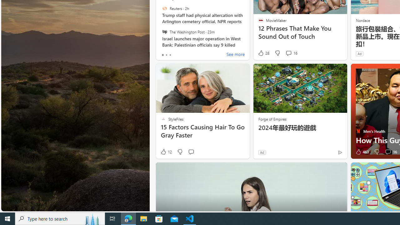 The image size is (400, 225). Describe the element at coordinates (162, 55) in the screenshot. I see `'tab-0'` at that location.